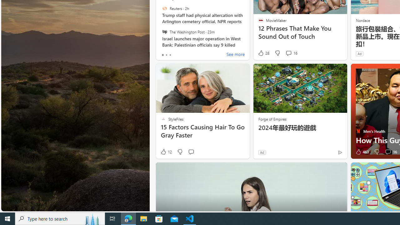 The image size is (400, 225). Describe the element at coordinates (162, 55) in the screenshot. I see `'tab-0'` at that location.